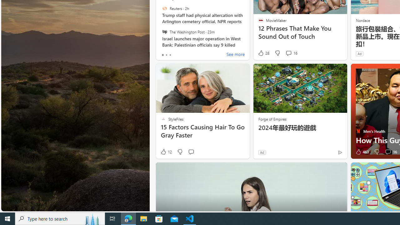 The image size is (400, 225). Describe the element at coordinates (162, 55) in the screenshot. I see `'tab-0'` at that location.